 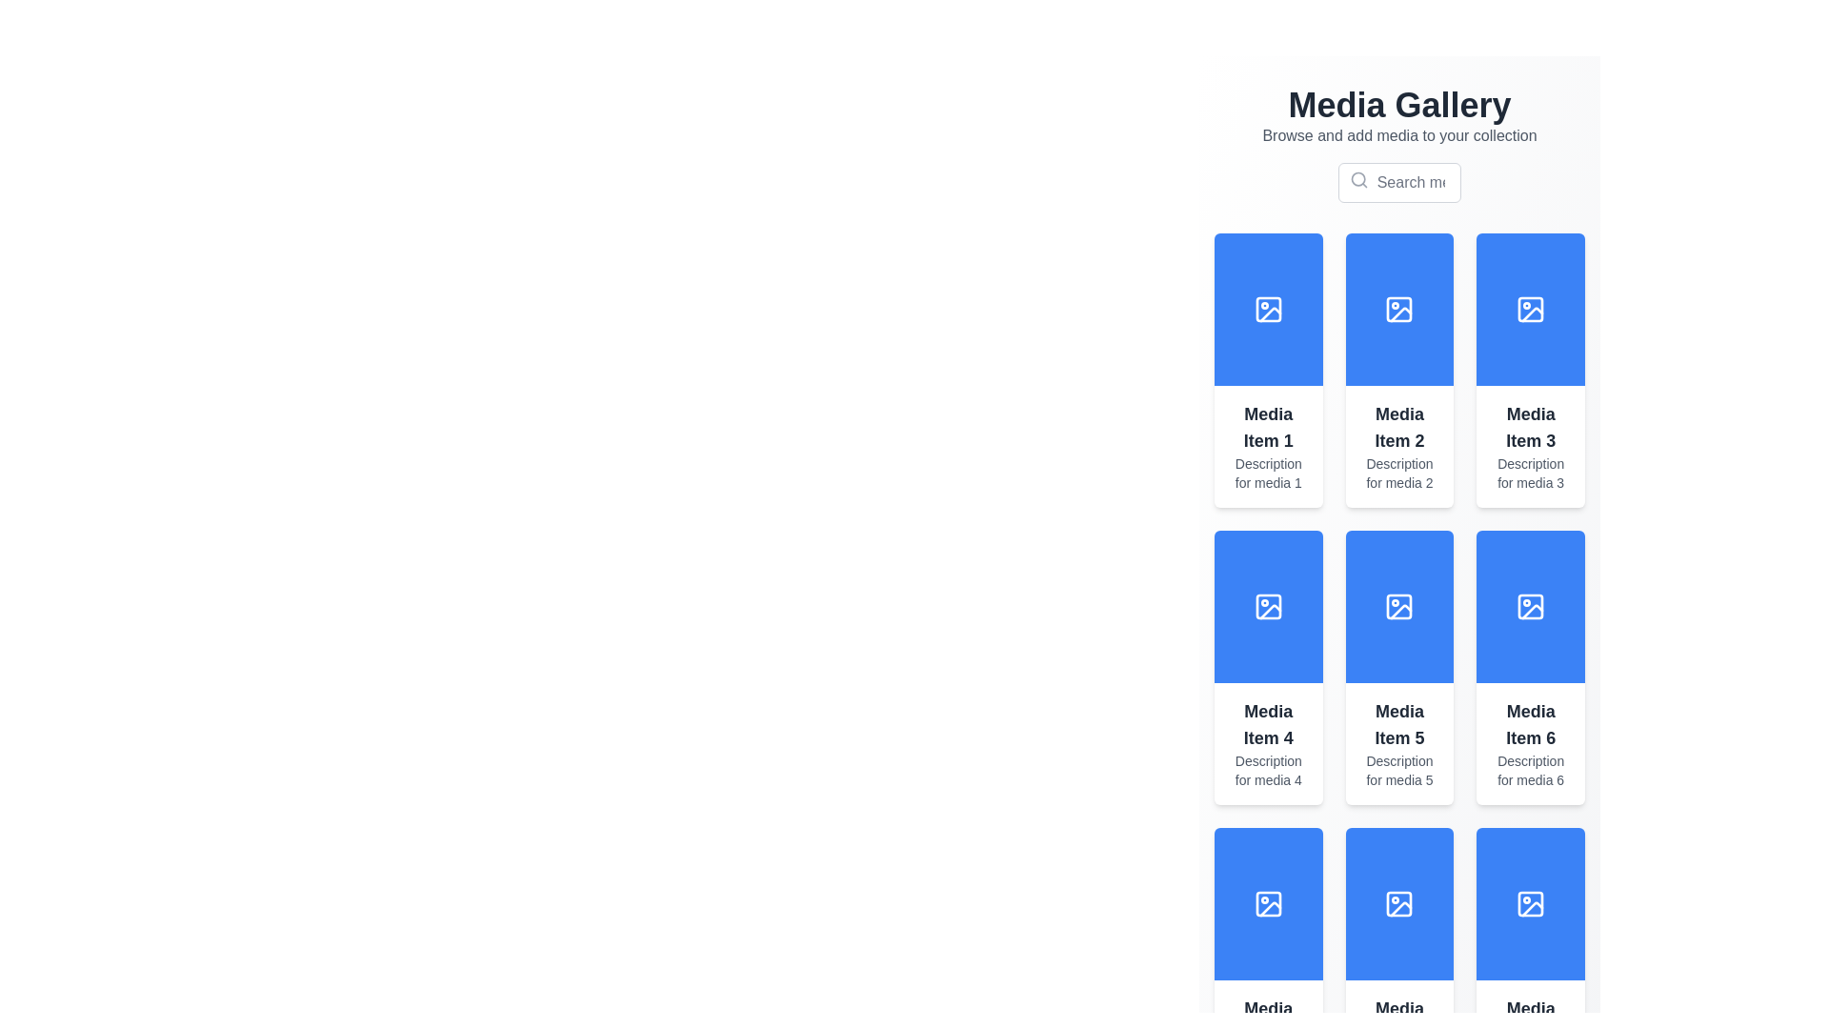 I want to click on the image placeholder located inside 'Media Item 4' in the second row and second column of the grid layout to interact with it, so click(x=1268, y=606).